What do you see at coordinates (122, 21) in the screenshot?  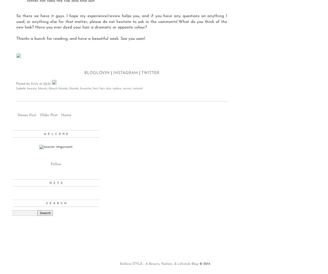 I see `'So there we have it guys. I hope my experience/review helps you, and if you have any questions on anything I used, or anything else for that matter, please do not hesitate to ask in the comments! What do you think of the new look? Have you ever dyed your hair a dramatic or opposite colour?'` at bounding box center [122, 21].